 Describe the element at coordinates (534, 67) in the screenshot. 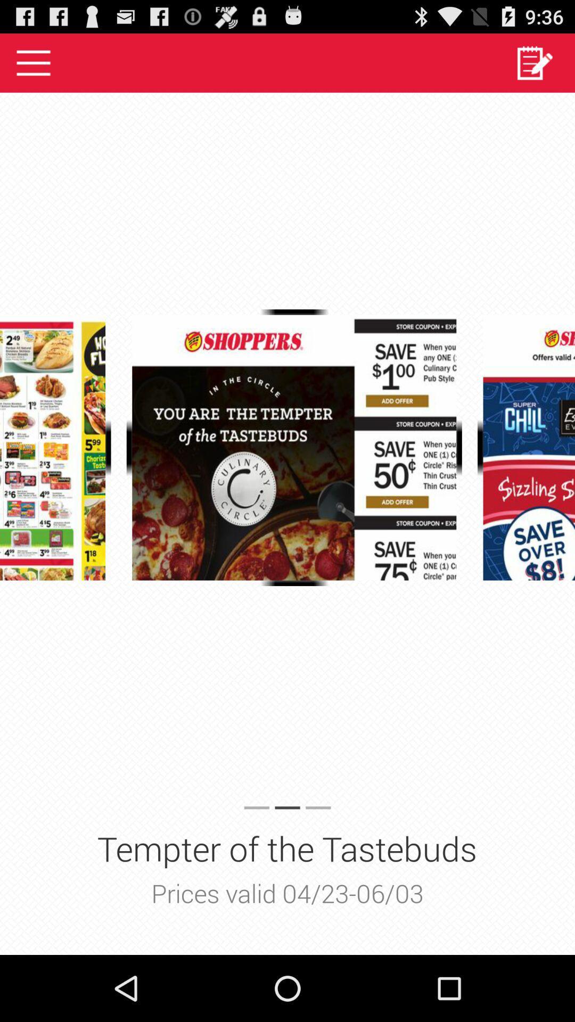

I see `the edit icon` at that location.